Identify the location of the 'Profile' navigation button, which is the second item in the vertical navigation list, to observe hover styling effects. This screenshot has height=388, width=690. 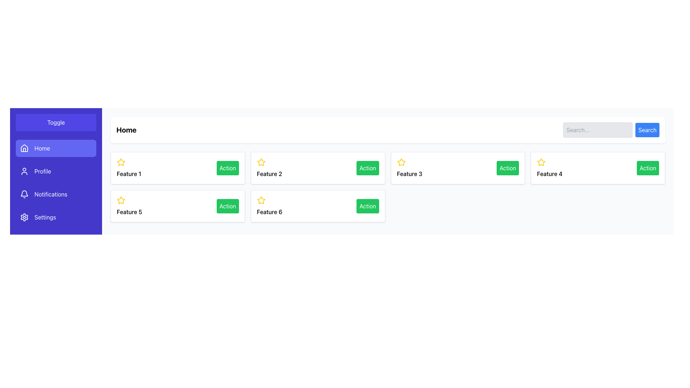
(56, 171).